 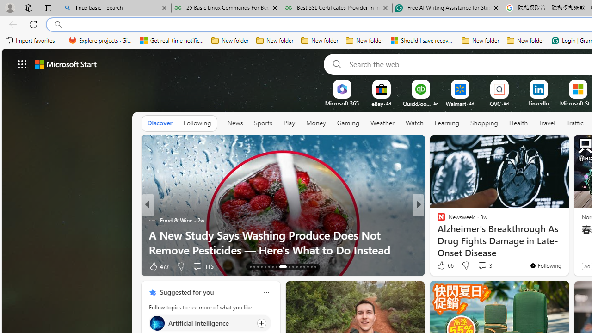 What do you see at coordinates (525, 40) in the screenshot?
I see `'New folder'` at bounding box center [525, 40].